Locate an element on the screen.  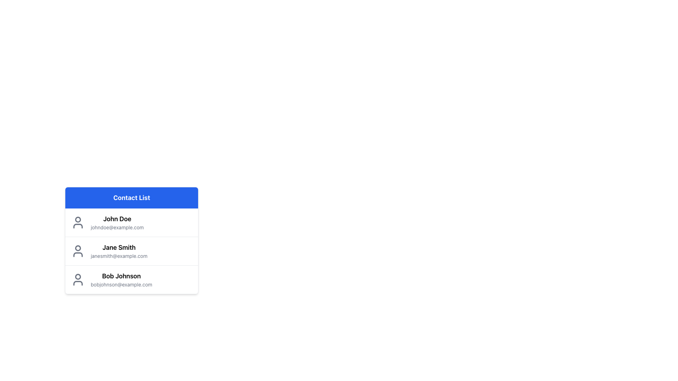
the text label displaying the email address for the contact 'Bob Johnson', which is located directly below the contact's name is located at coordinates (121, 284).